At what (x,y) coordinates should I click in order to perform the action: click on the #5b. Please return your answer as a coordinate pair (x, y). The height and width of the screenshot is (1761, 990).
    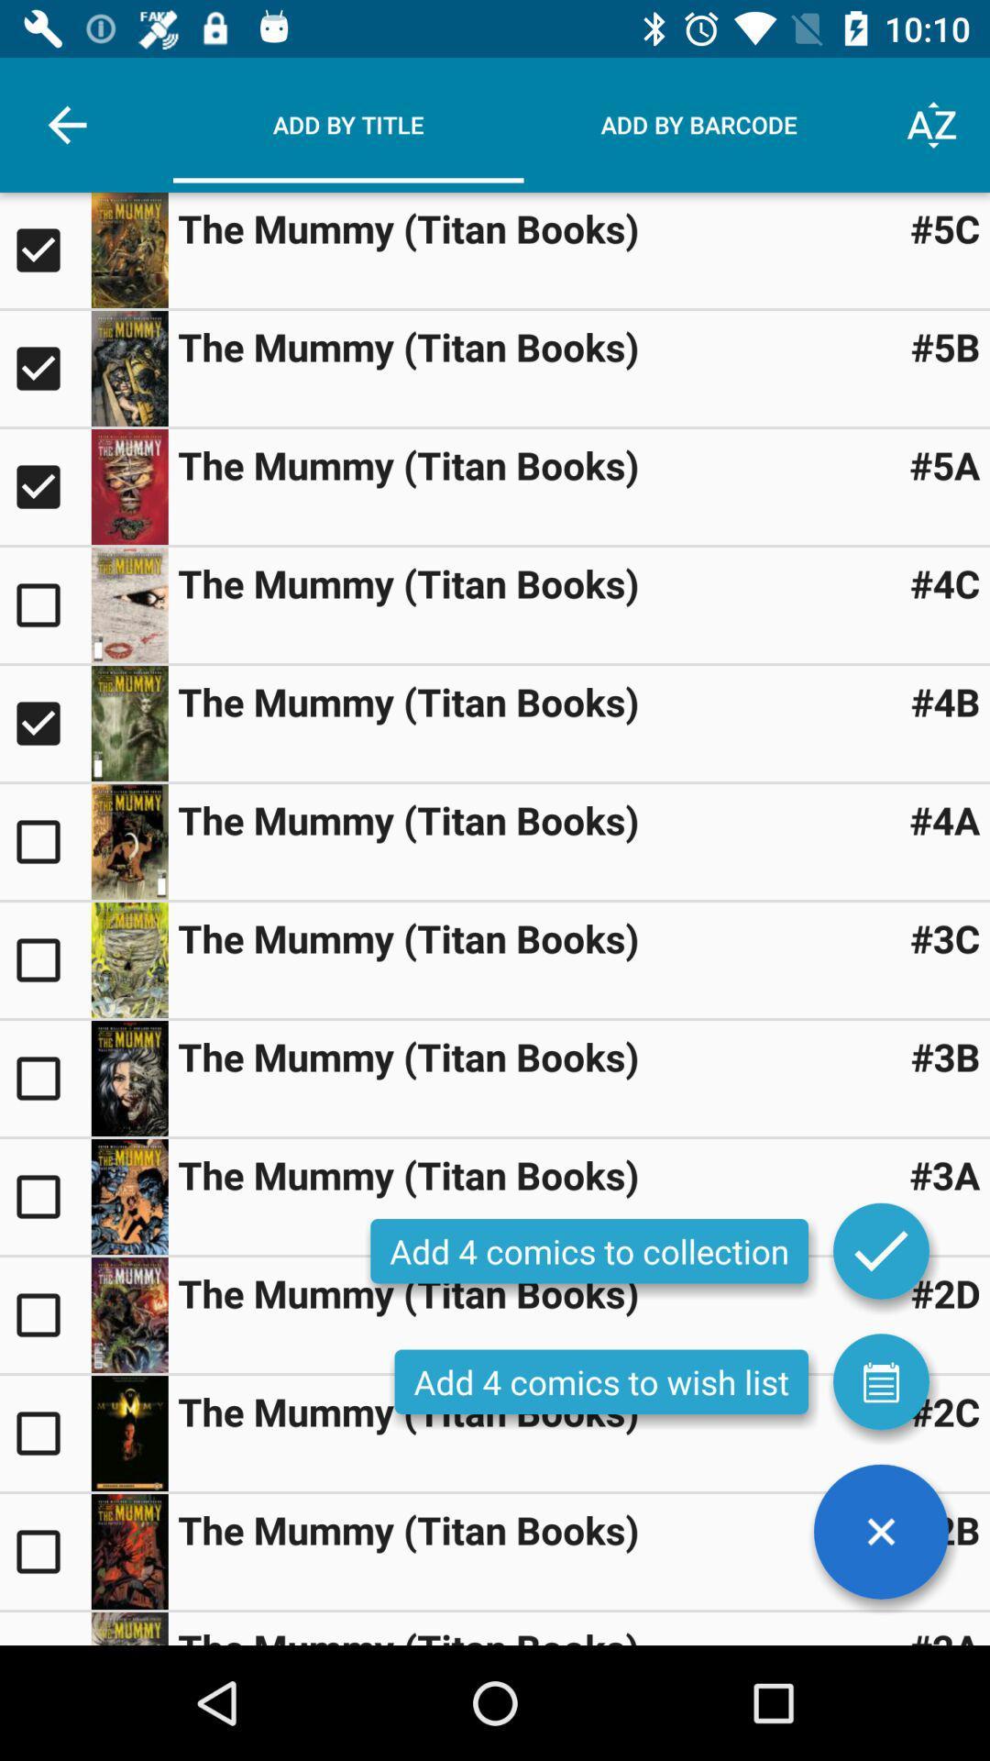
    Looking at the image, I should click on (945, 347).